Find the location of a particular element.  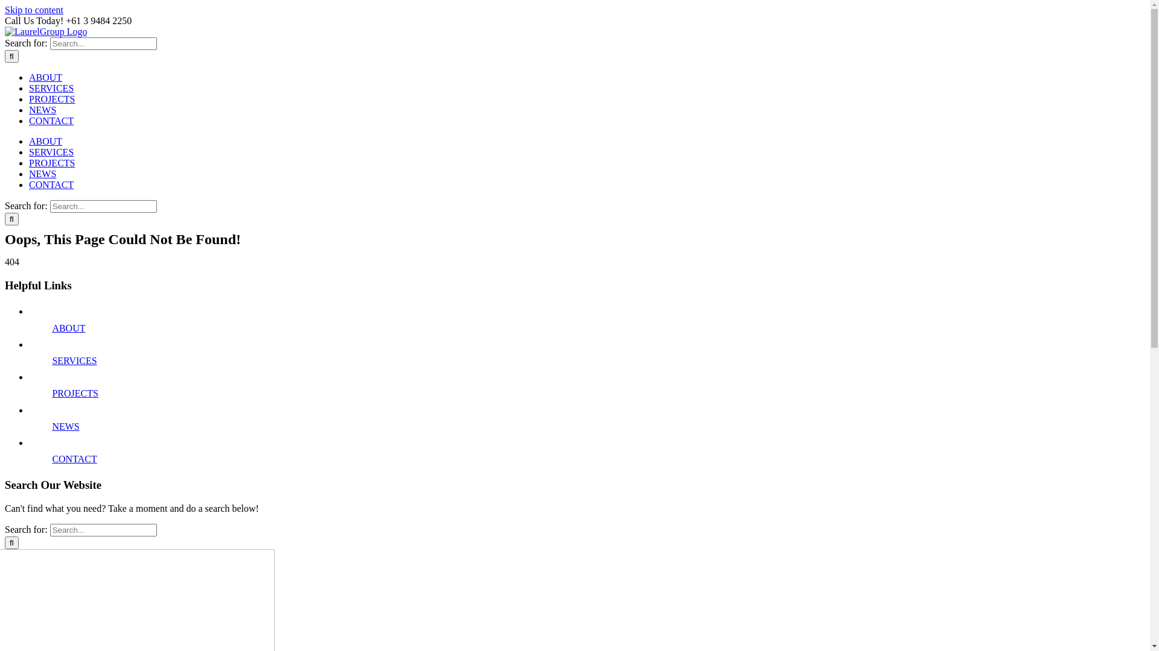

'SERVICES' is located at coordinates (51, 87).